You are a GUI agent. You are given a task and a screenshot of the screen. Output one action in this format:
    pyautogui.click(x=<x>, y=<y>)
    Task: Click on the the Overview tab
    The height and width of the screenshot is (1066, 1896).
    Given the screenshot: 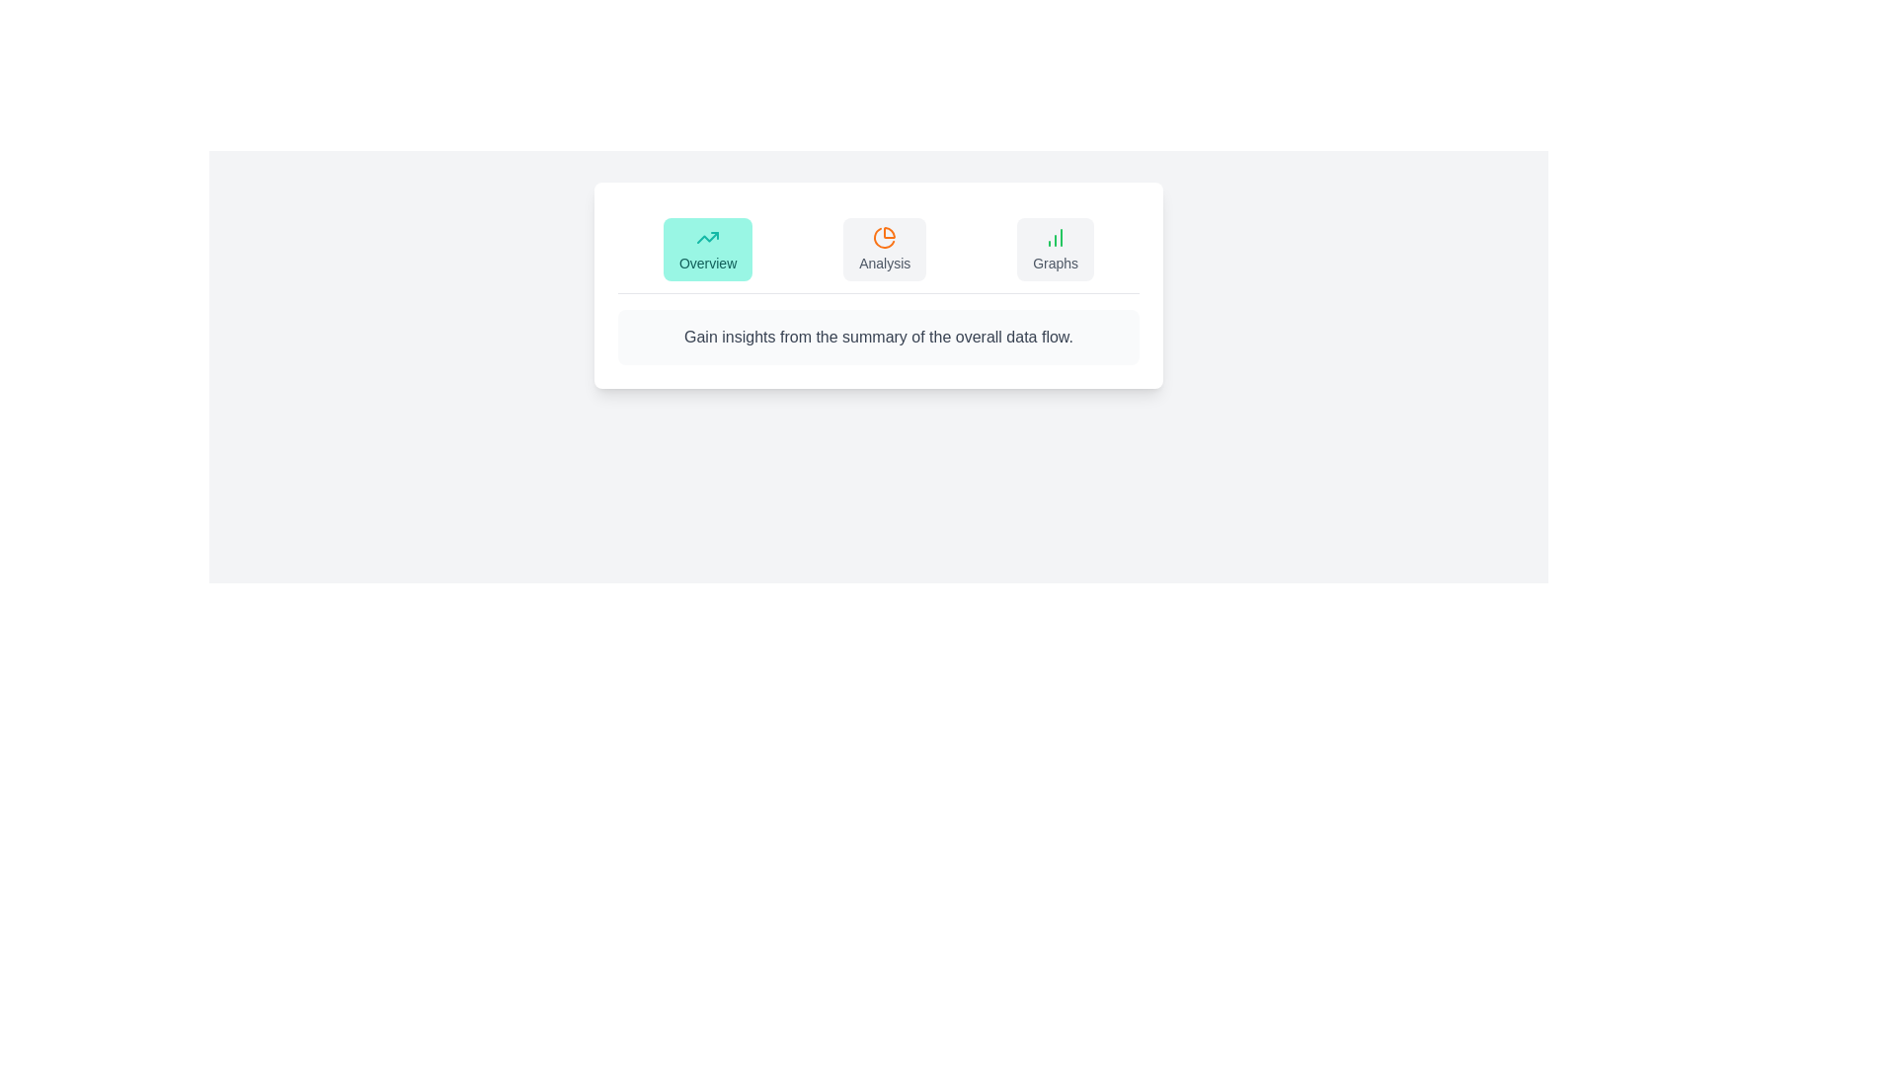 What is the action you would take?
    pyautogui.click(x=708, y=249)
    